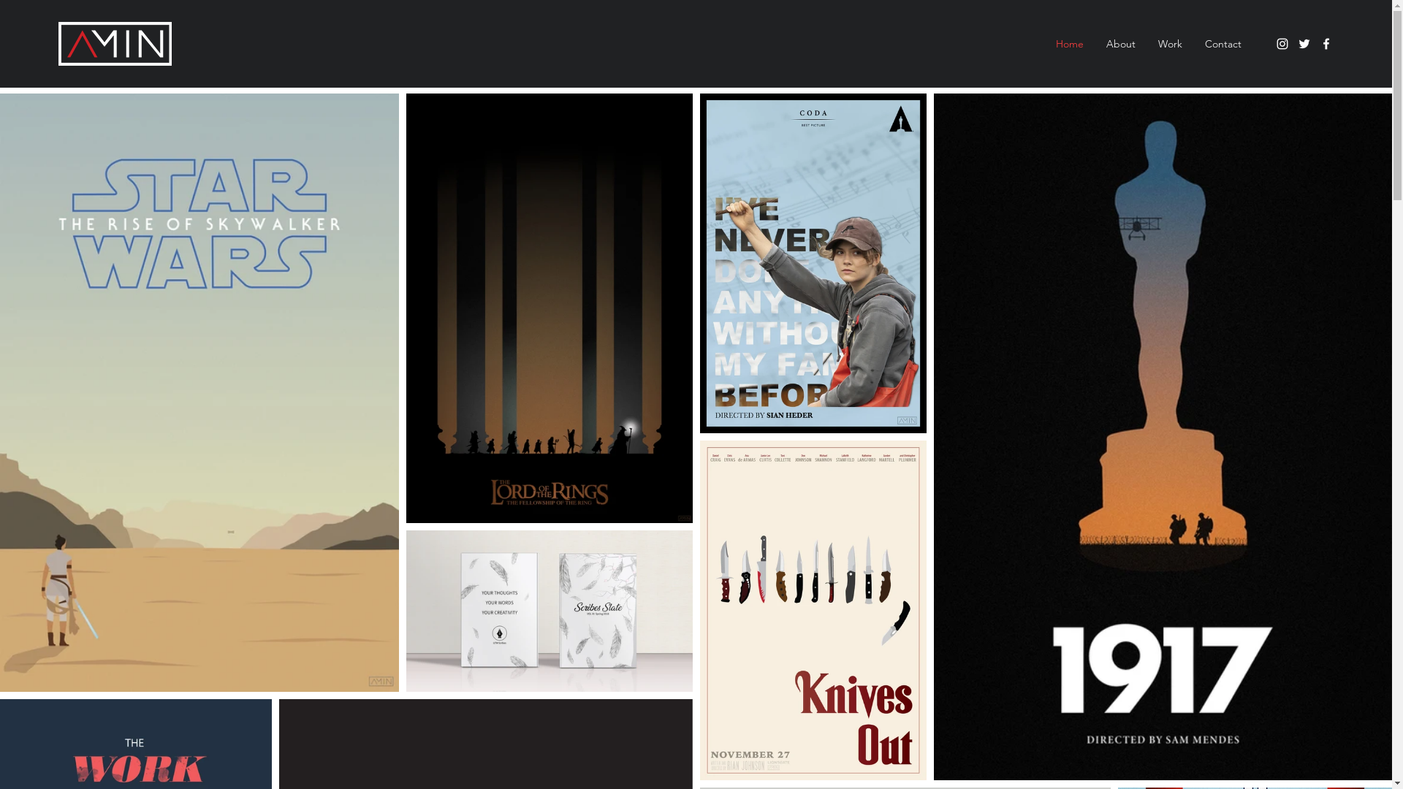 The height and width of the screenshot is (789, 1403). I want to click on 'Home', so click(1044, 43).